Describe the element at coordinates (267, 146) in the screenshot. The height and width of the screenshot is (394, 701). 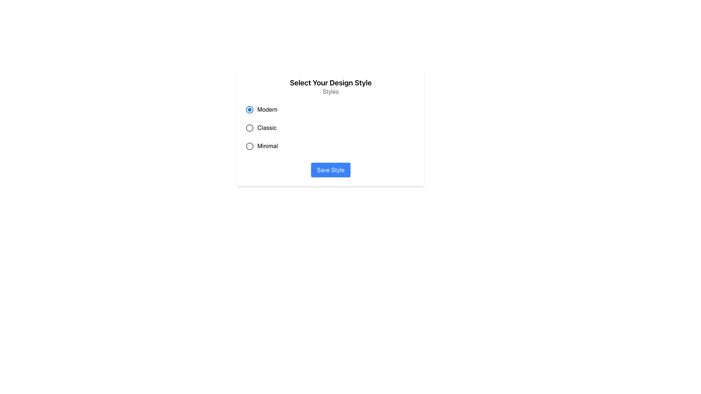
I see `the label indicating the 'Minimal' design style option, which is the last option in the group of radio-button options` at that location.